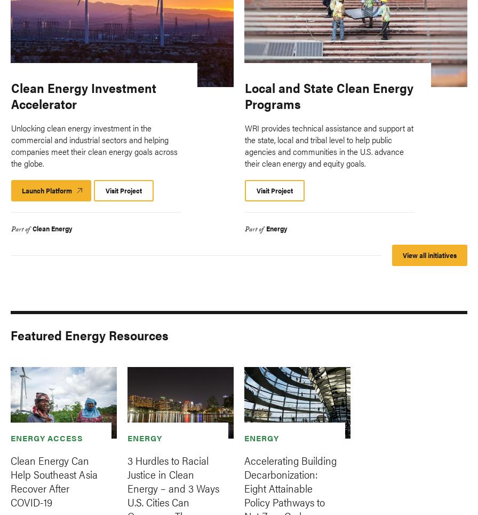 The image size is (478, 515). What do you see at coordinates (46, 437) in the screenshot?
I see `'Energy Access'` at bounding box center [46, 437].